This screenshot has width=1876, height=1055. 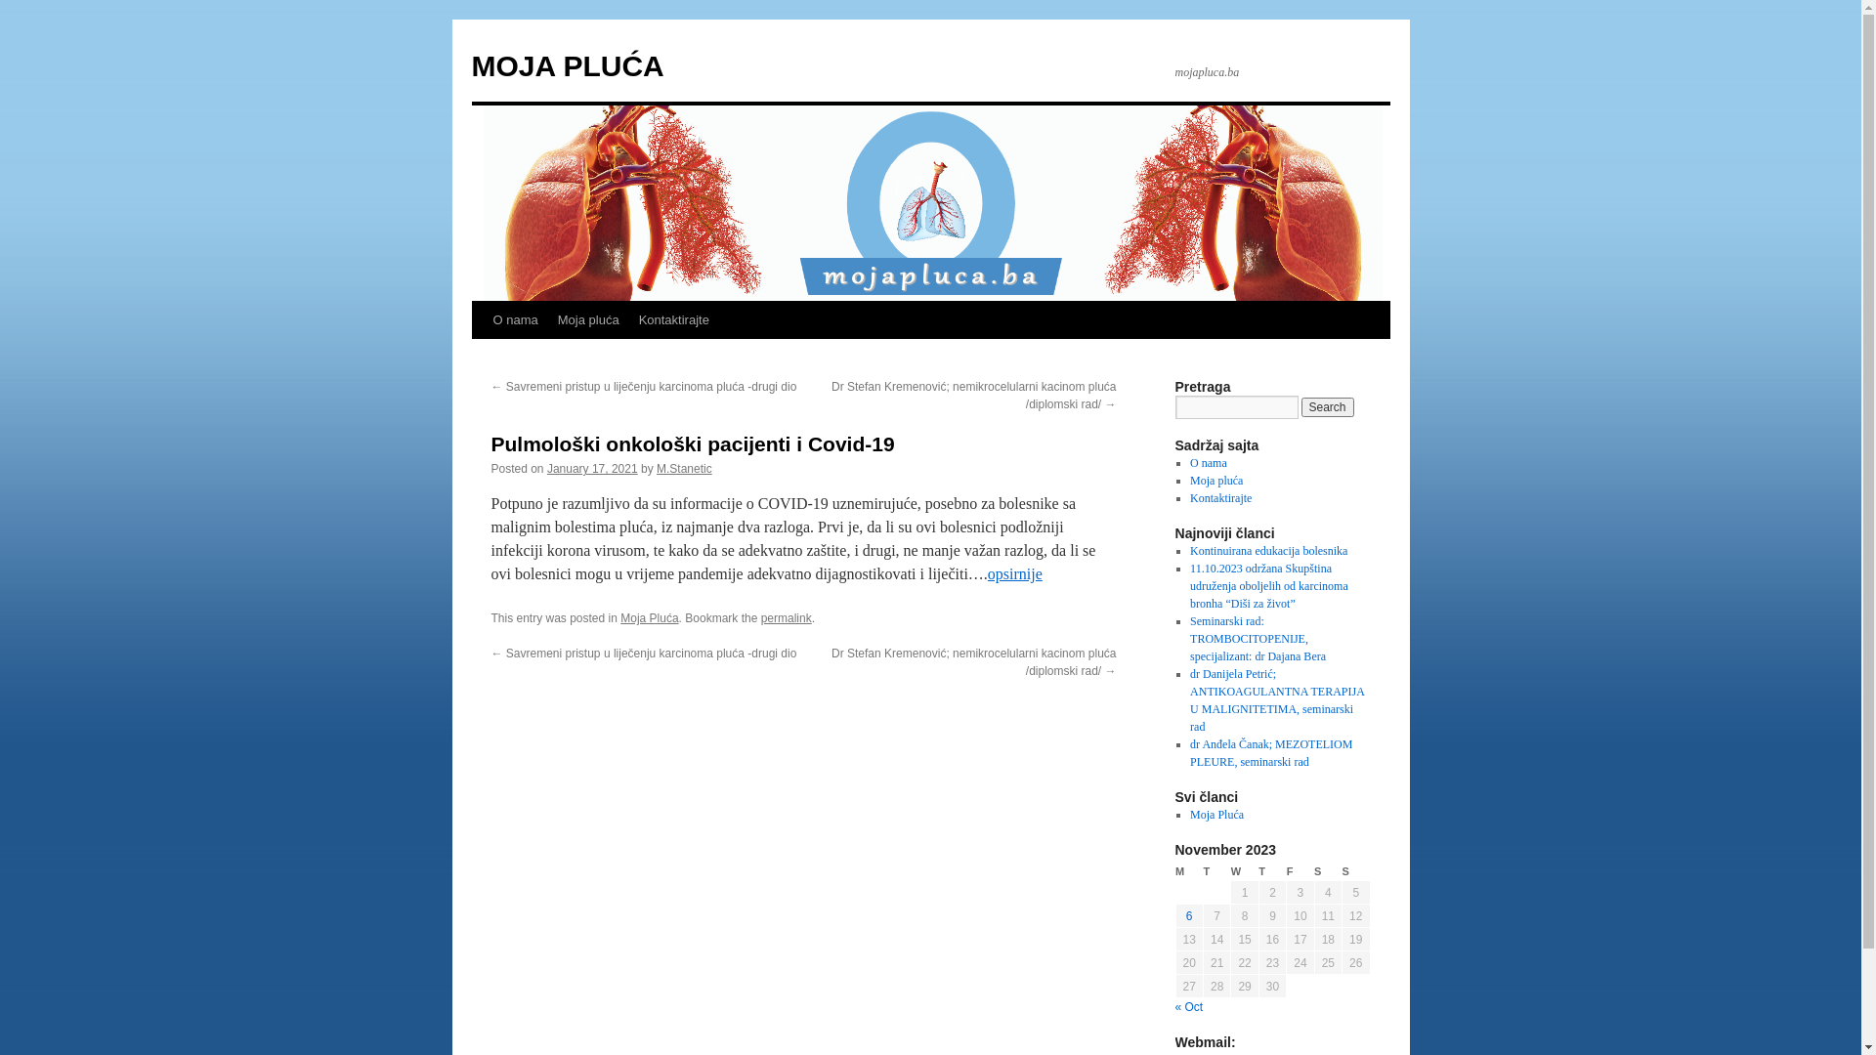 I want to click on 'Kontaktirajte', so click(x=1189, y=496).